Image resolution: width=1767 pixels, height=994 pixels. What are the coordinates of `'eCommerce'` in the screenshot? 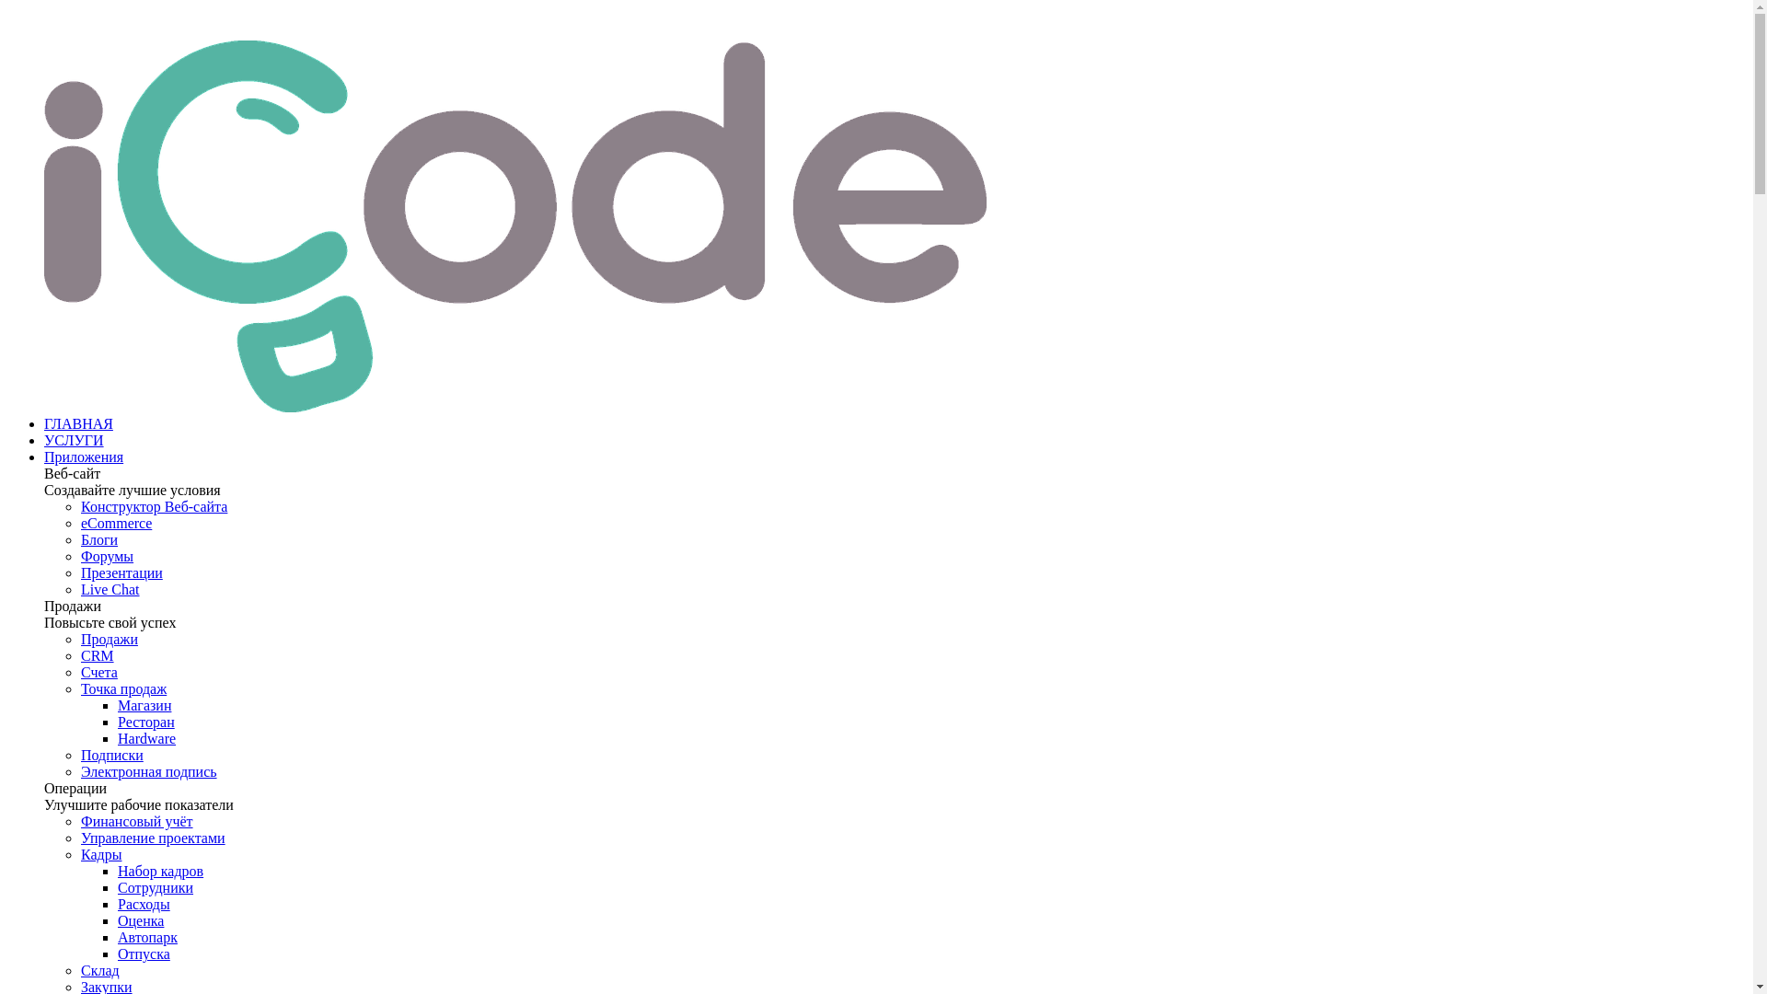 It's located at (79, 523).